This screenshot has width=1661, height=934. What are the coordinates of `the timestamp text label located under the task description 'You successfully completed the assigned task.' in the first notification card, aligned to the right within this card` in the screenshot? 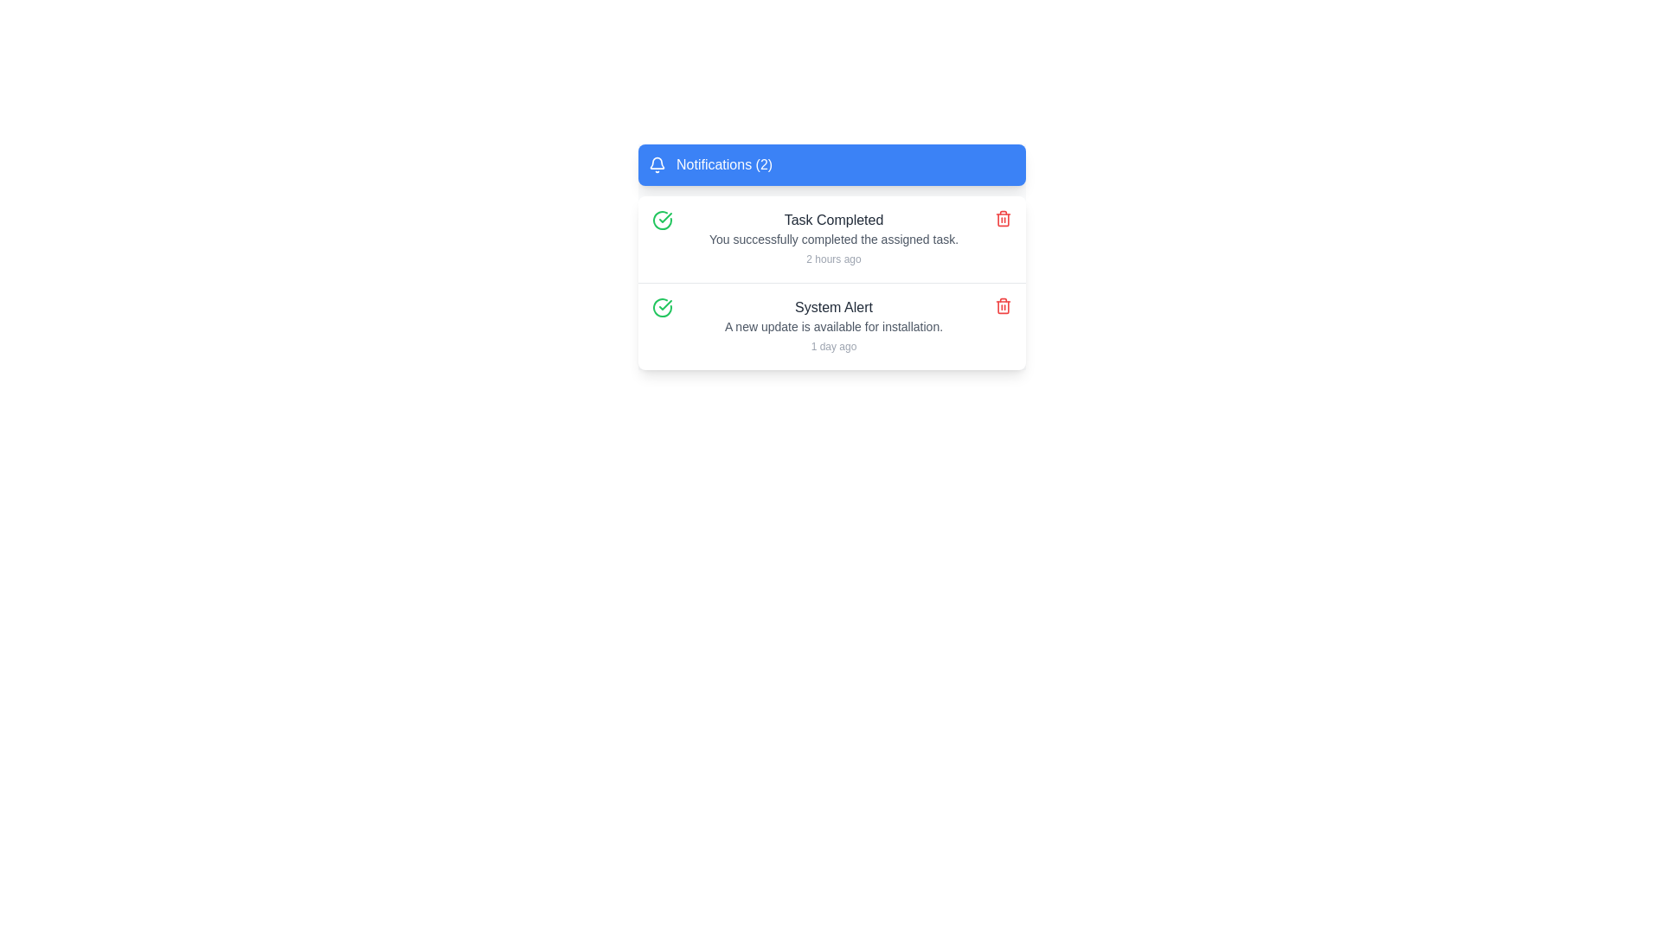 It's located at (834, 259).